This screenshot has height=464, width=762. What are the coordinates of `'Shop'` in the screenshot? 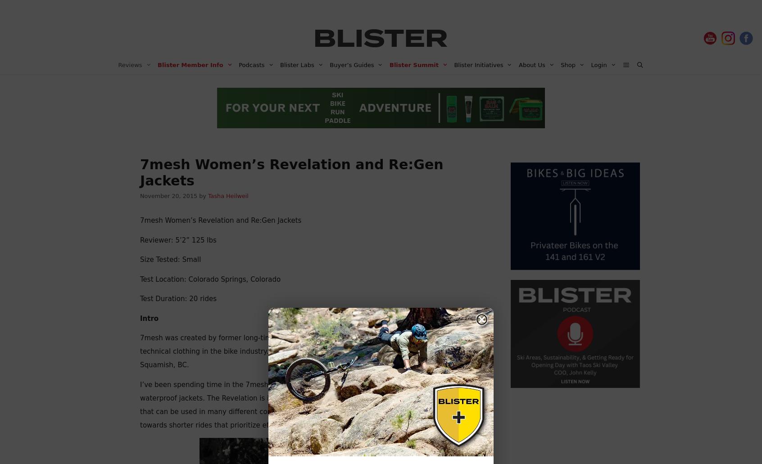 It's located at (560, 64).